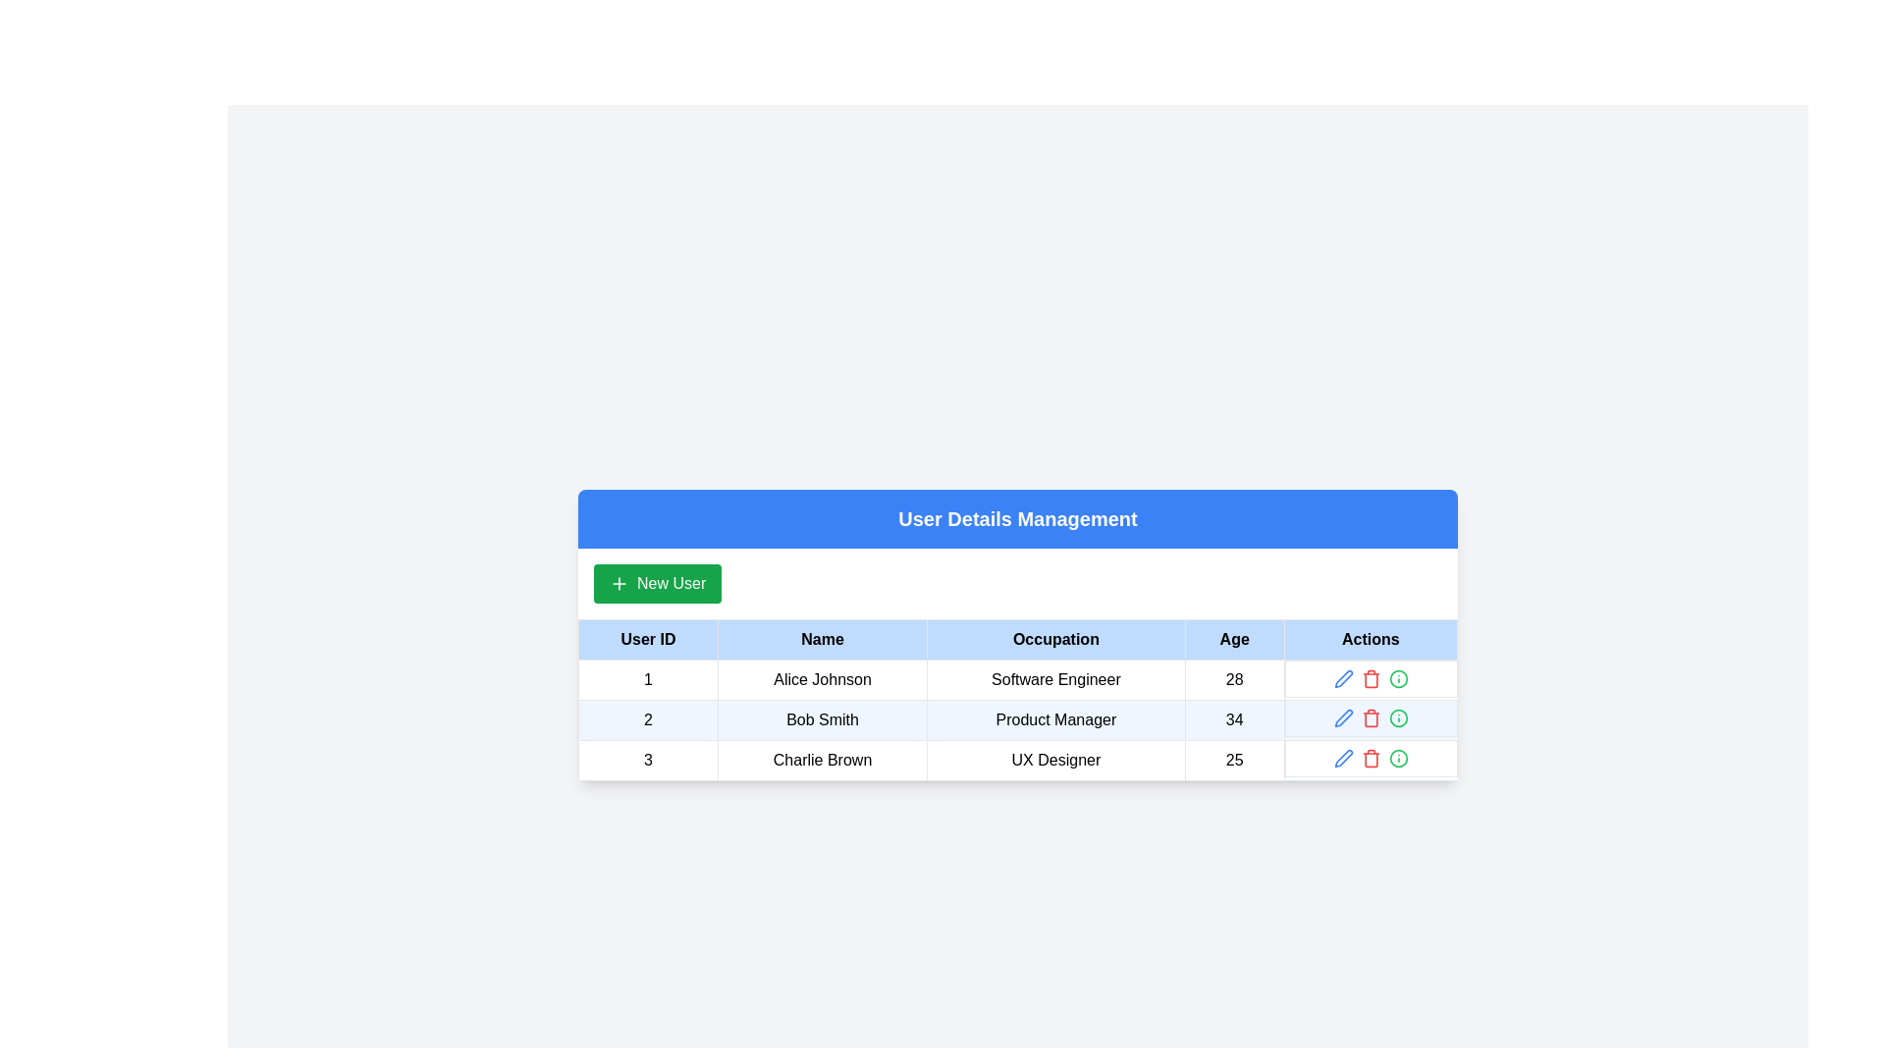 The image size is (1885, 1060). What do you see at coordinates (1054, 639) in the screenshot?
I see `the 'Occupation' table header cell, which is part of a structured table layout and is located in the header row as the third column from the left, between 'Name' and 'Age'` at bounding box center [1054, 639].